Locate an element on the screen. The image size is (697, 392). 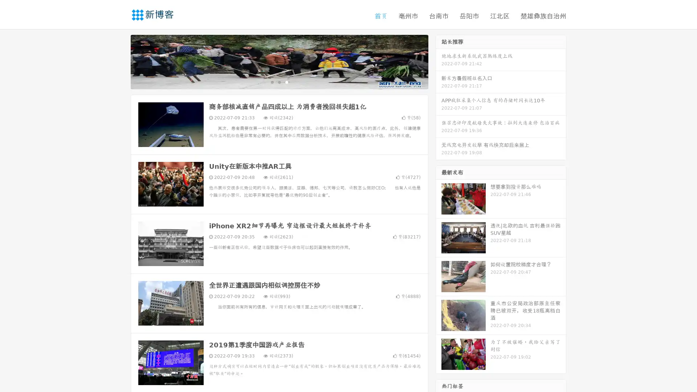
Previous slide is located at coordinates (120, 61).